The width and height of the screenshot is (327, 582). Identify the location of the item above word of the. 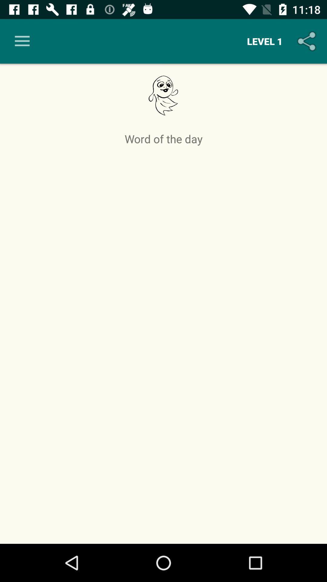
(308, 41).